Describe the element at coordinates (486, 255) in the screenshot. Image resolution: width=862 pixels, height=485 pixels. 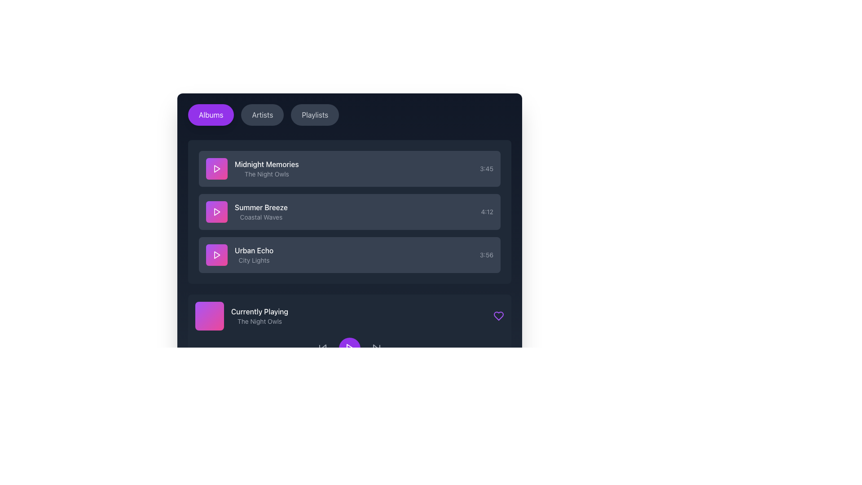
I see `the static text label displaying '3:56', which is styled in a small gray font and positioned below 'Urban Echo' and 'City Lights'` at that location.